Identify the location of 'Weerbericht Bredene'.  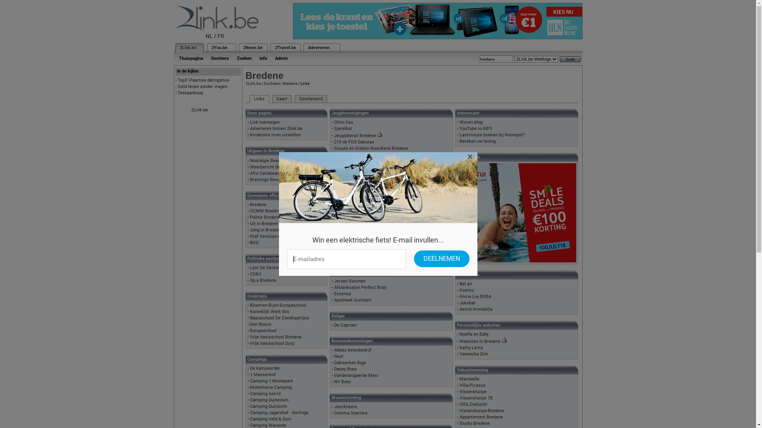
(271, 166).